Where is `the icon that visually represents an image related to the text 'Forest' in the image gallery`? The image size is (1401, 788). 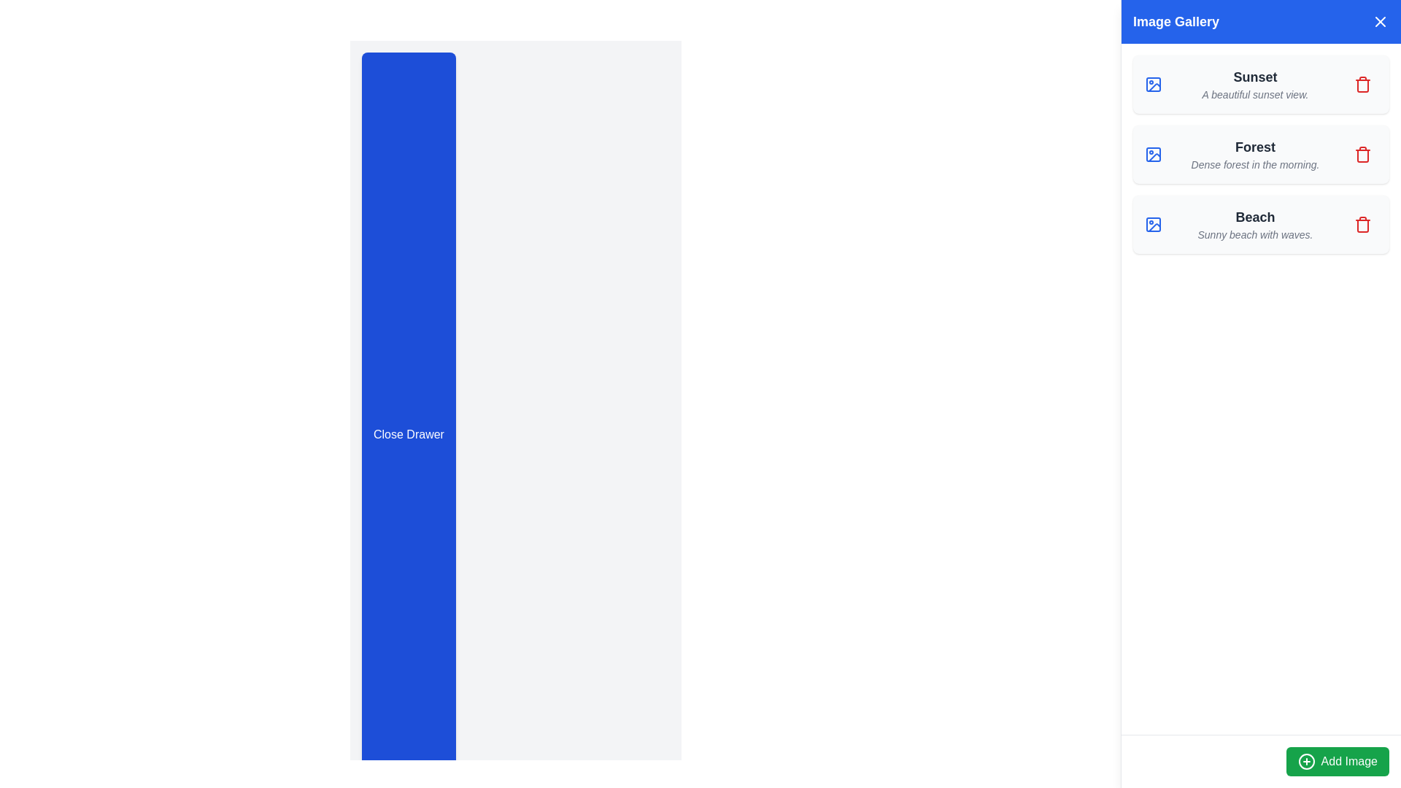
the icon that visually represents an image related to the text 'Forest' in the image gallery is located at coordinates (1152, 155).